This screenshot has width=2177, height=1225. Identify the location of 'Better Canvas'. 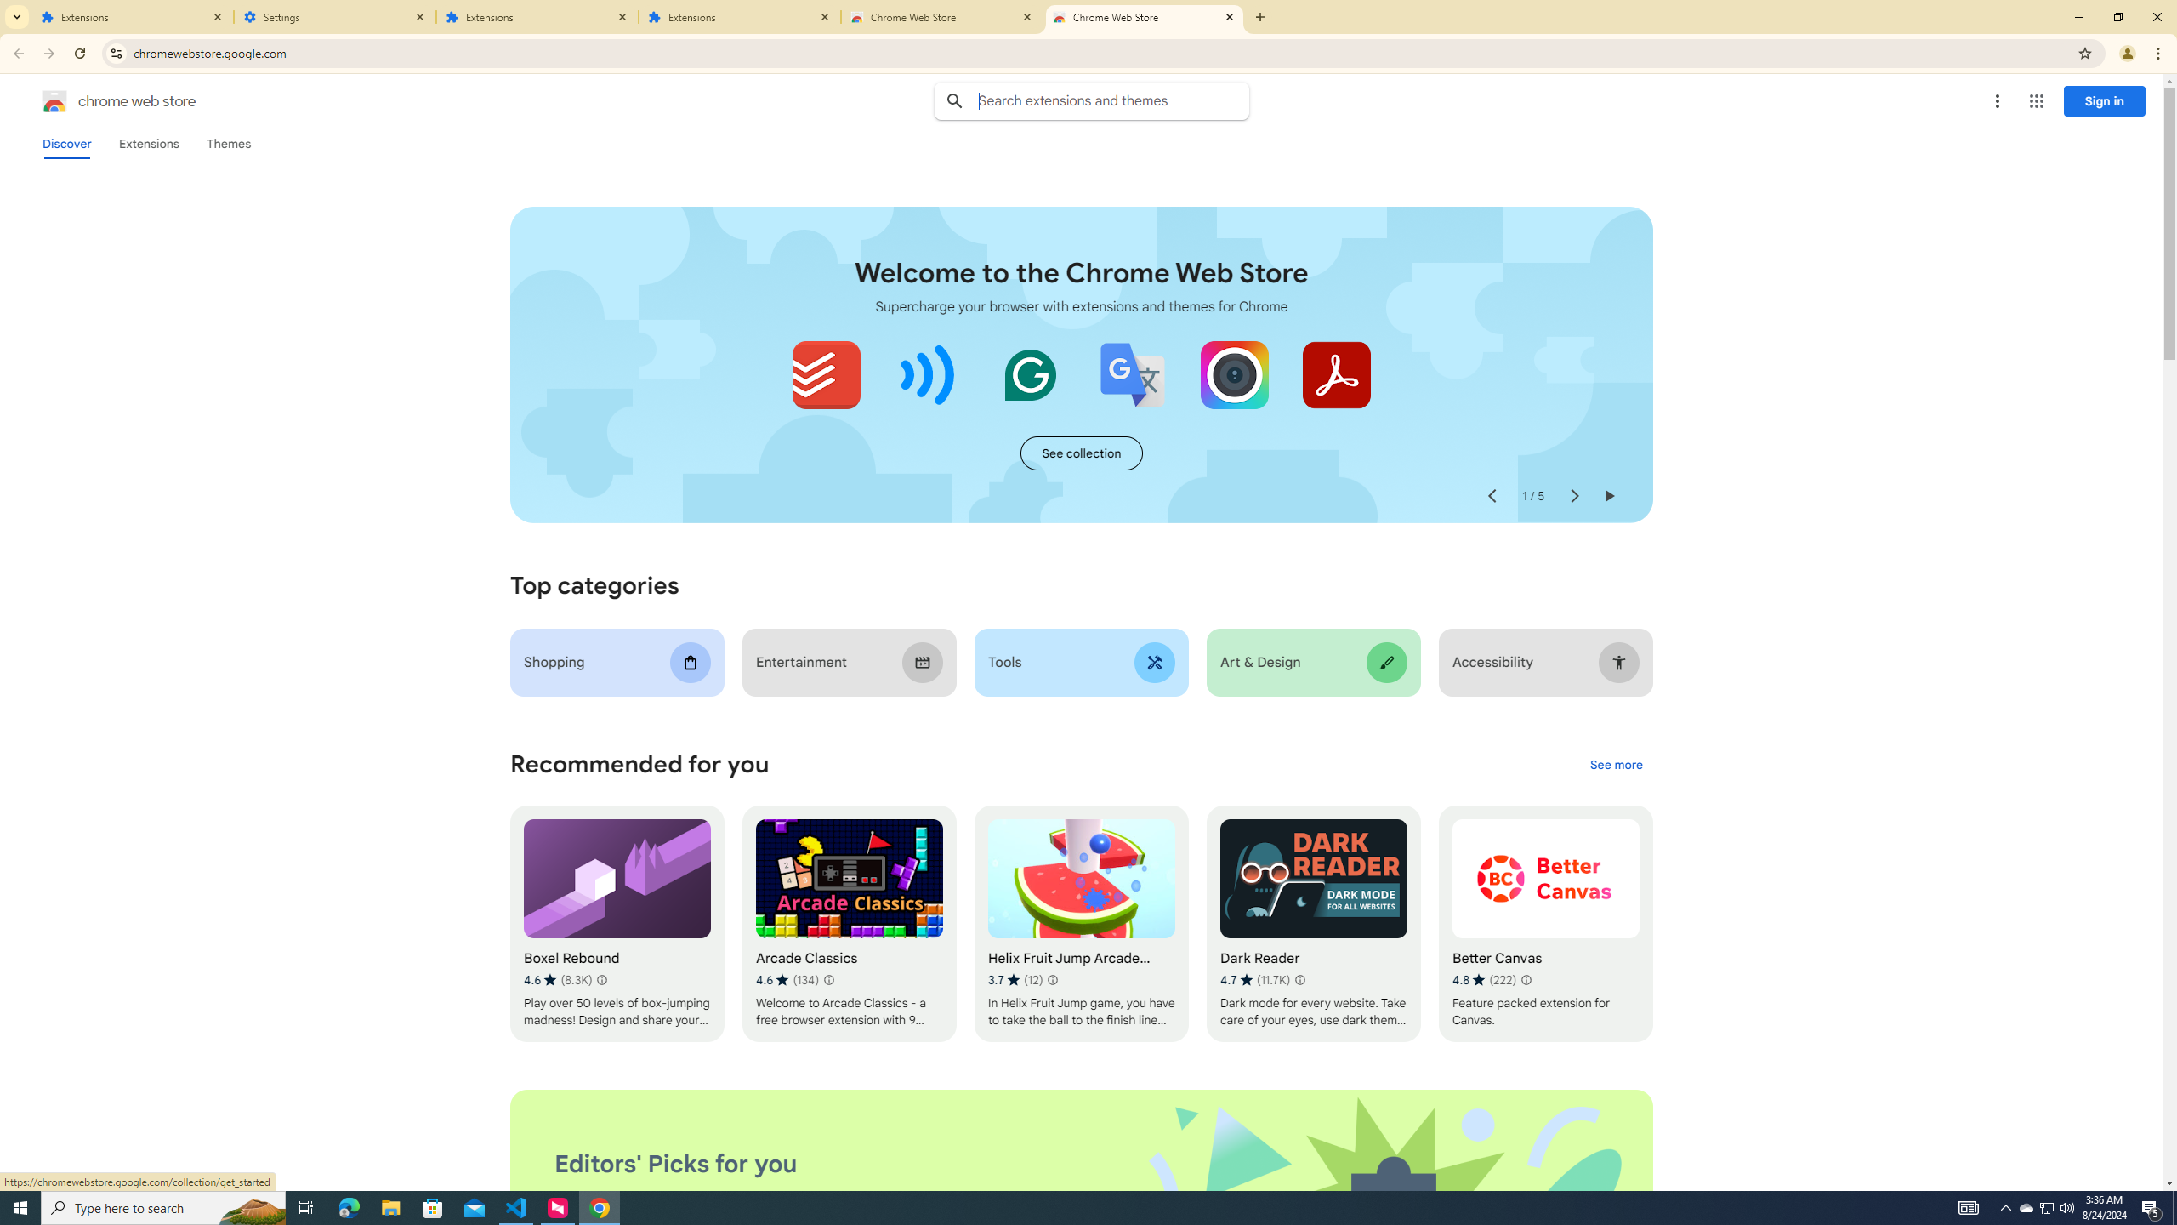
(1545, 923).